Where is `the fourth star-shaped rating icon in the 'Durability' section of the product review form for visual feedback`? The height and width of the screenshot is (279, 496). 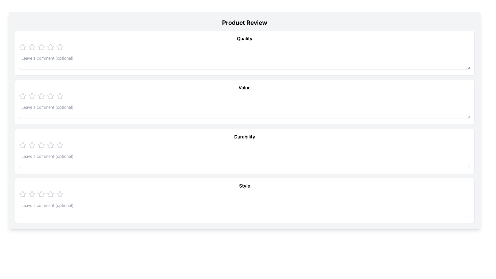 the fourth star-shaped rating icon in the 'Durability' section of the product review form for visual feedback is located at coordinates (41, 145).